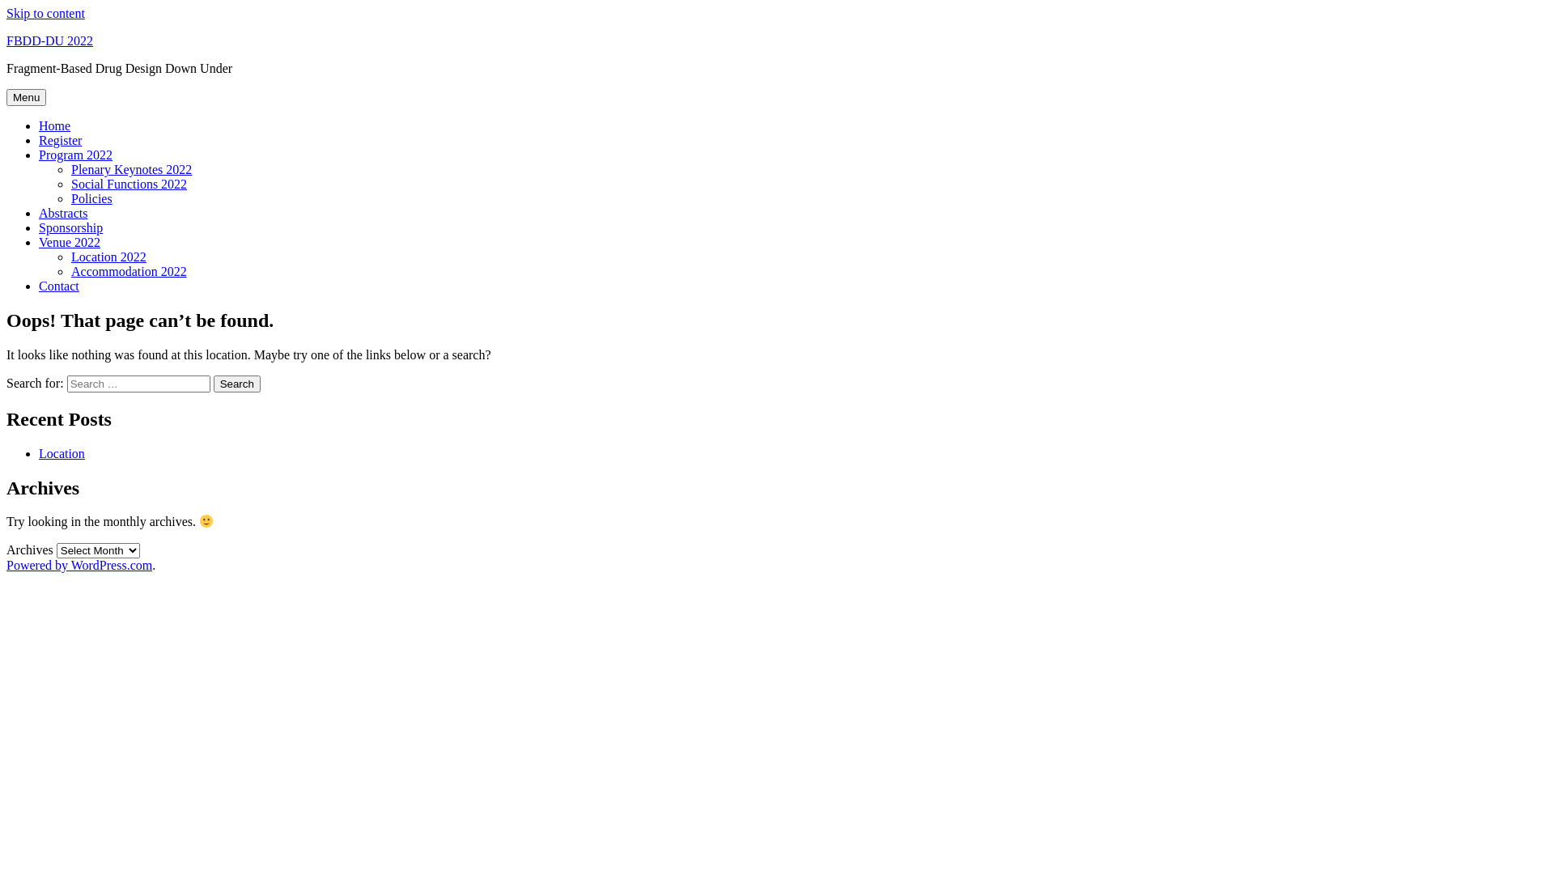 The width and height of the screenshot is (1554, 874). Describe the element at coordinates (131, 169) in the screenshot. I see `'Plenary Keynotes 2022'` at that location.